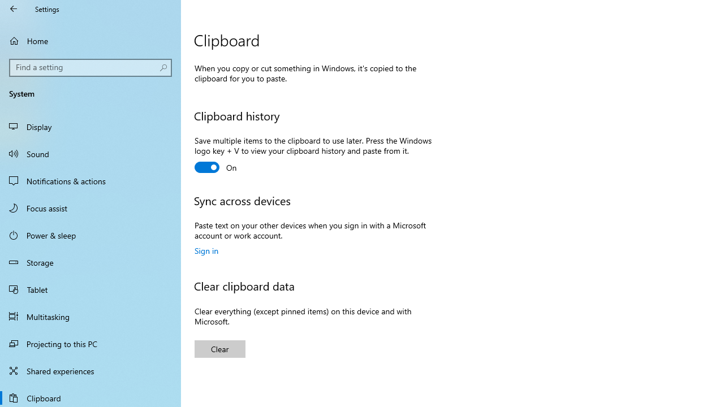  What do you see at coordinates (90, 207) in the screenshot?
I see `'Focus assist'` at bounding box center [90, 207].